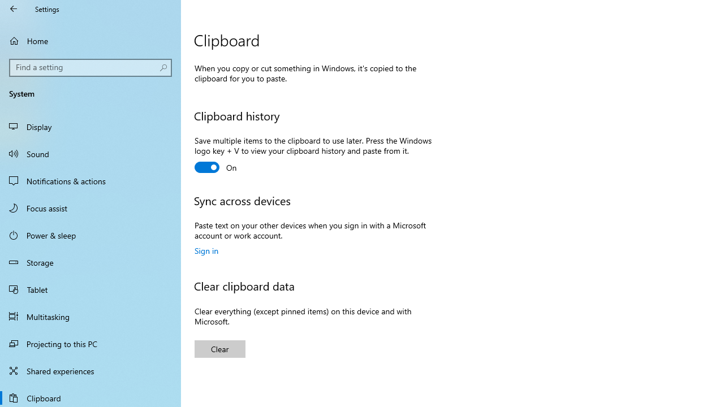  What do you see at coordinates (90, 207) in the screenshot?
I see `'Focus assist'` at bounding box center [90, 207].